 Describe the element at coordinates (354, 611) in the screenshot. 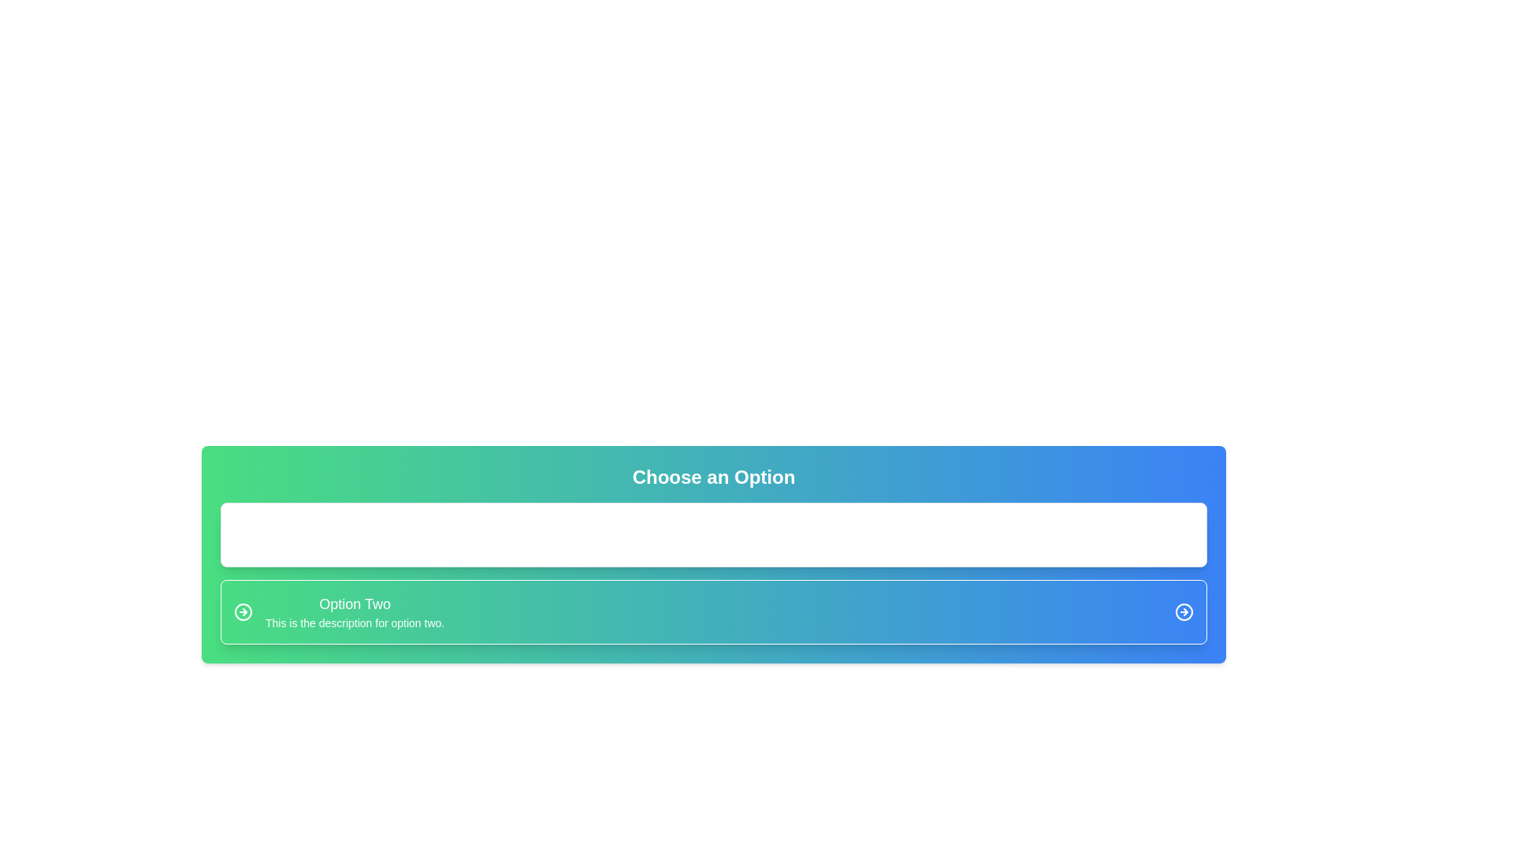

I see `the text block containing 'Option Two' and its description to select the text` at that location.